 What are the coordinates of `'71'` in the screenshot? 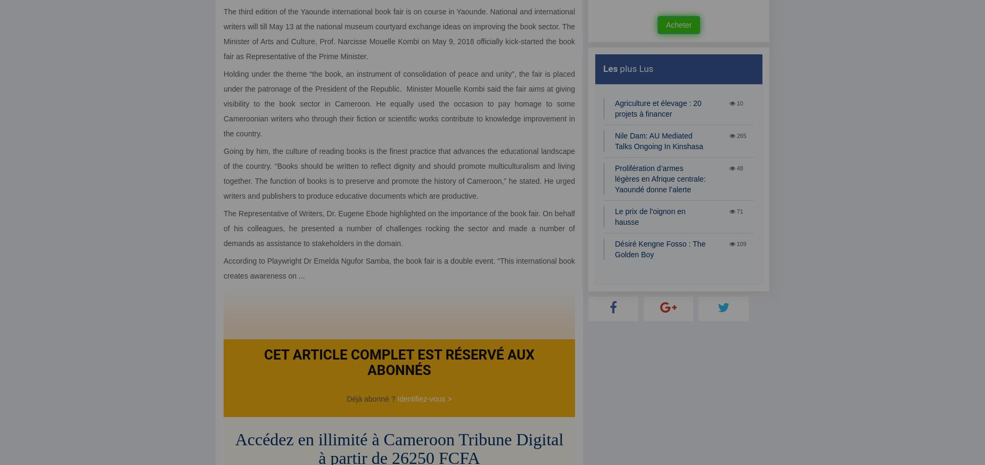 It's located at (738, 211).